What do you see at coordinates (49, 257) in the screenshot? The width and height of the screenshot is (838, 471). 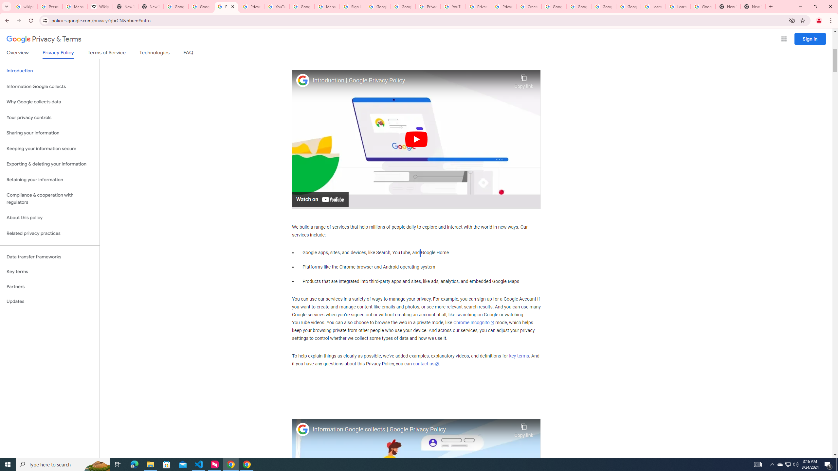 I see `'Data transfer frameworks'` at bounding box center [49, 257].